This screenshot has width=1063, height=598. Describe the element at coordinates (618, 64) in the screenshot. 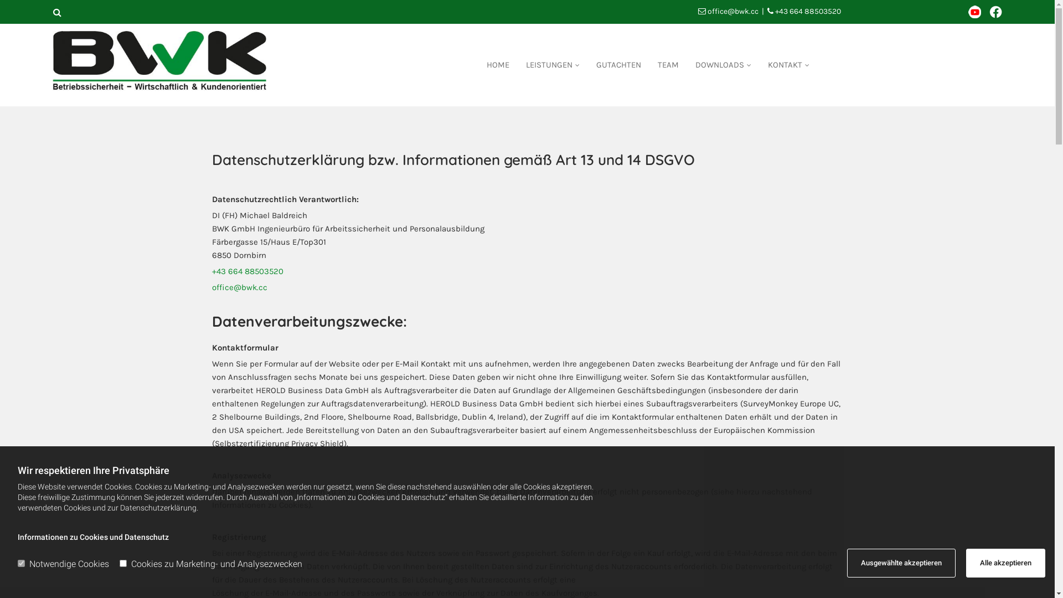

I see `'GUTACHTEN'` at that location.